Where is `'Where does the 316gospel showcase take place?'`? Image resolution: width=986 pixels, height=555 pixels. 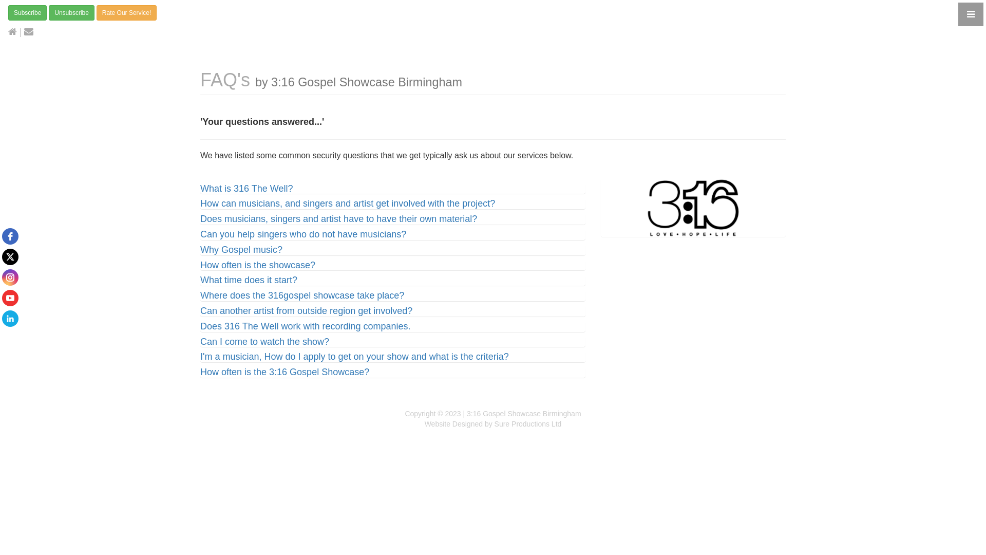 'Where does the 316gospel showcase take place?' is located at coordinates (301, 295).